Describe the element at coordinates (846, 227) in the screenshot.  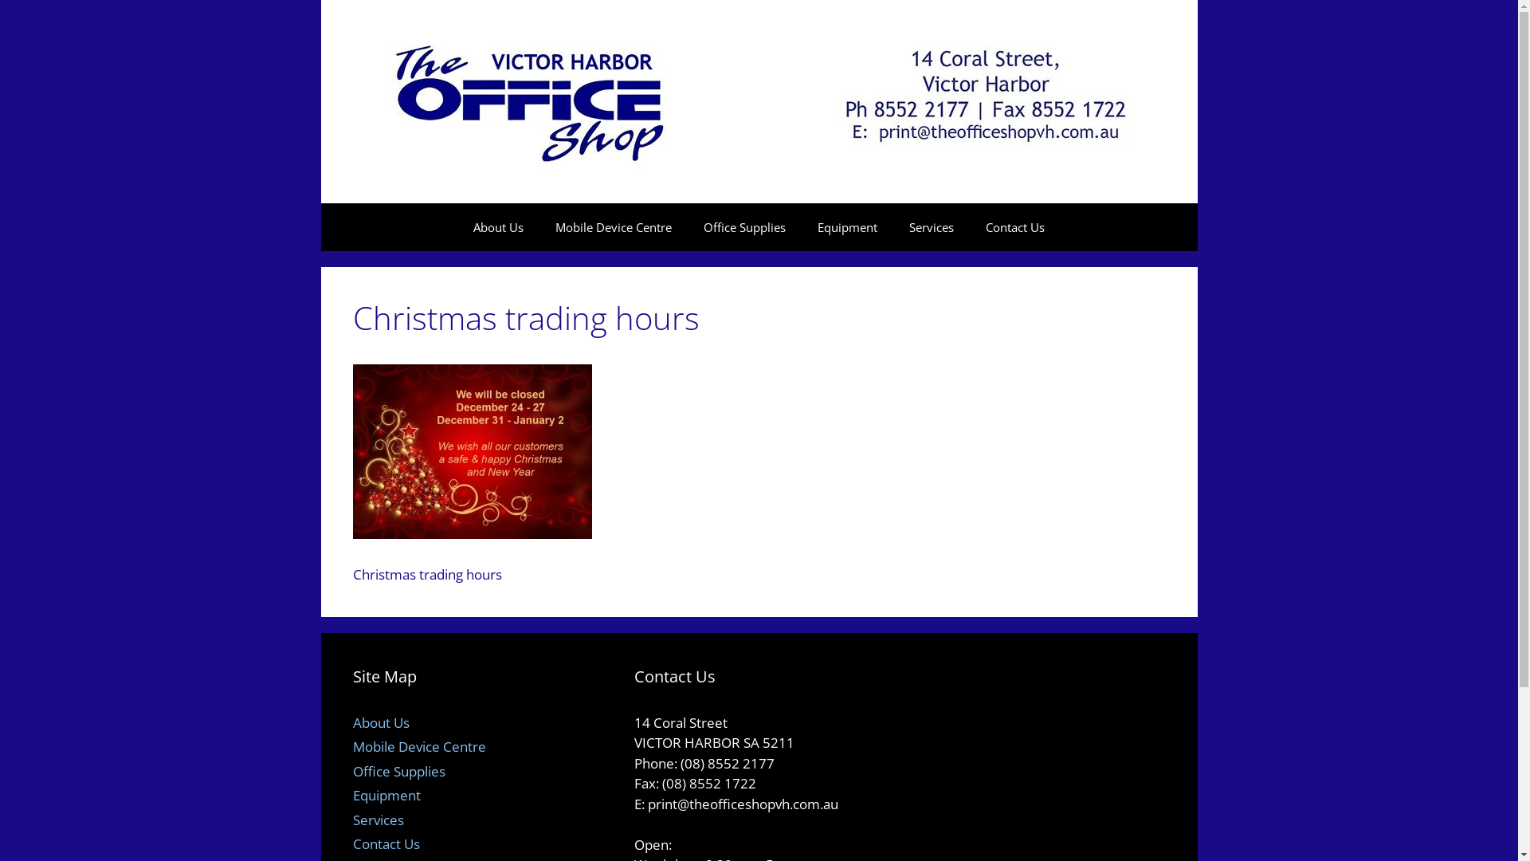
I see `'Equipment'` at that location.